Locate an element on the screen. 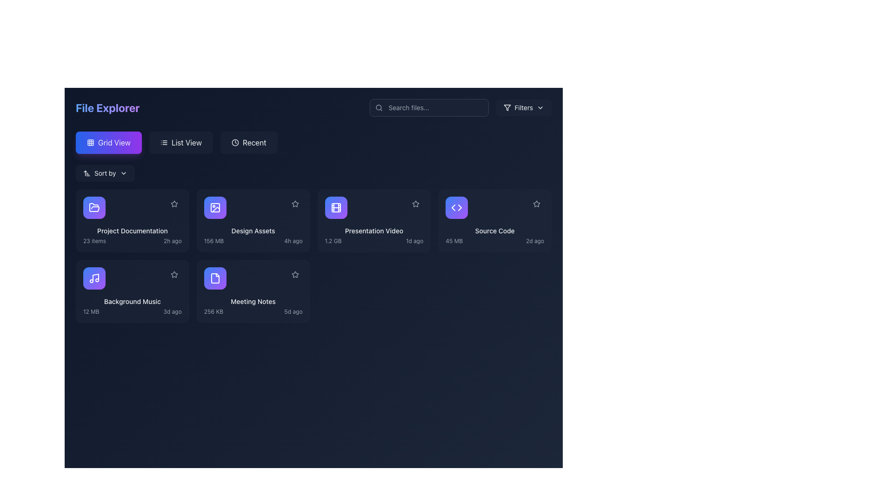 The height and width of the screenshot is (502, 893). the favorite icon in the top-right corner of the 'Background Music' card is located at coordinates (174, 274).